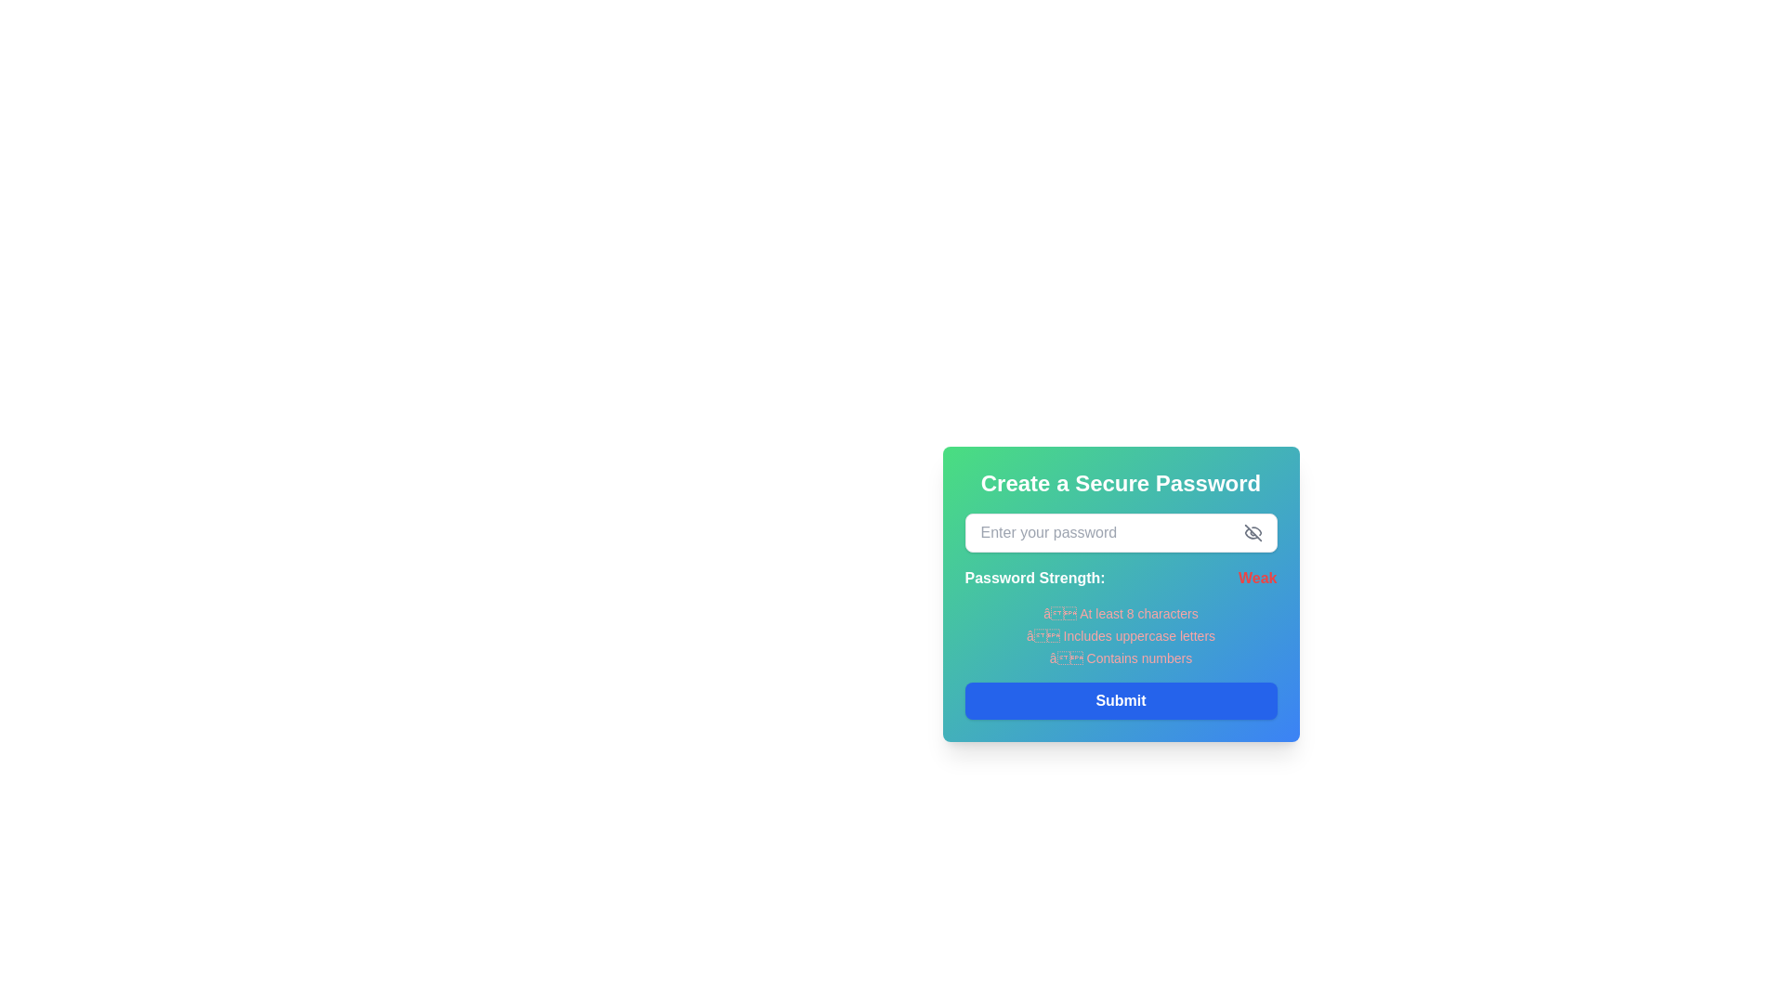  What do you see at coordinates (1120, 701) in the screenshot?
I see `the submission button located at the bottom of the card interface` at bounding box center [1120, 701].